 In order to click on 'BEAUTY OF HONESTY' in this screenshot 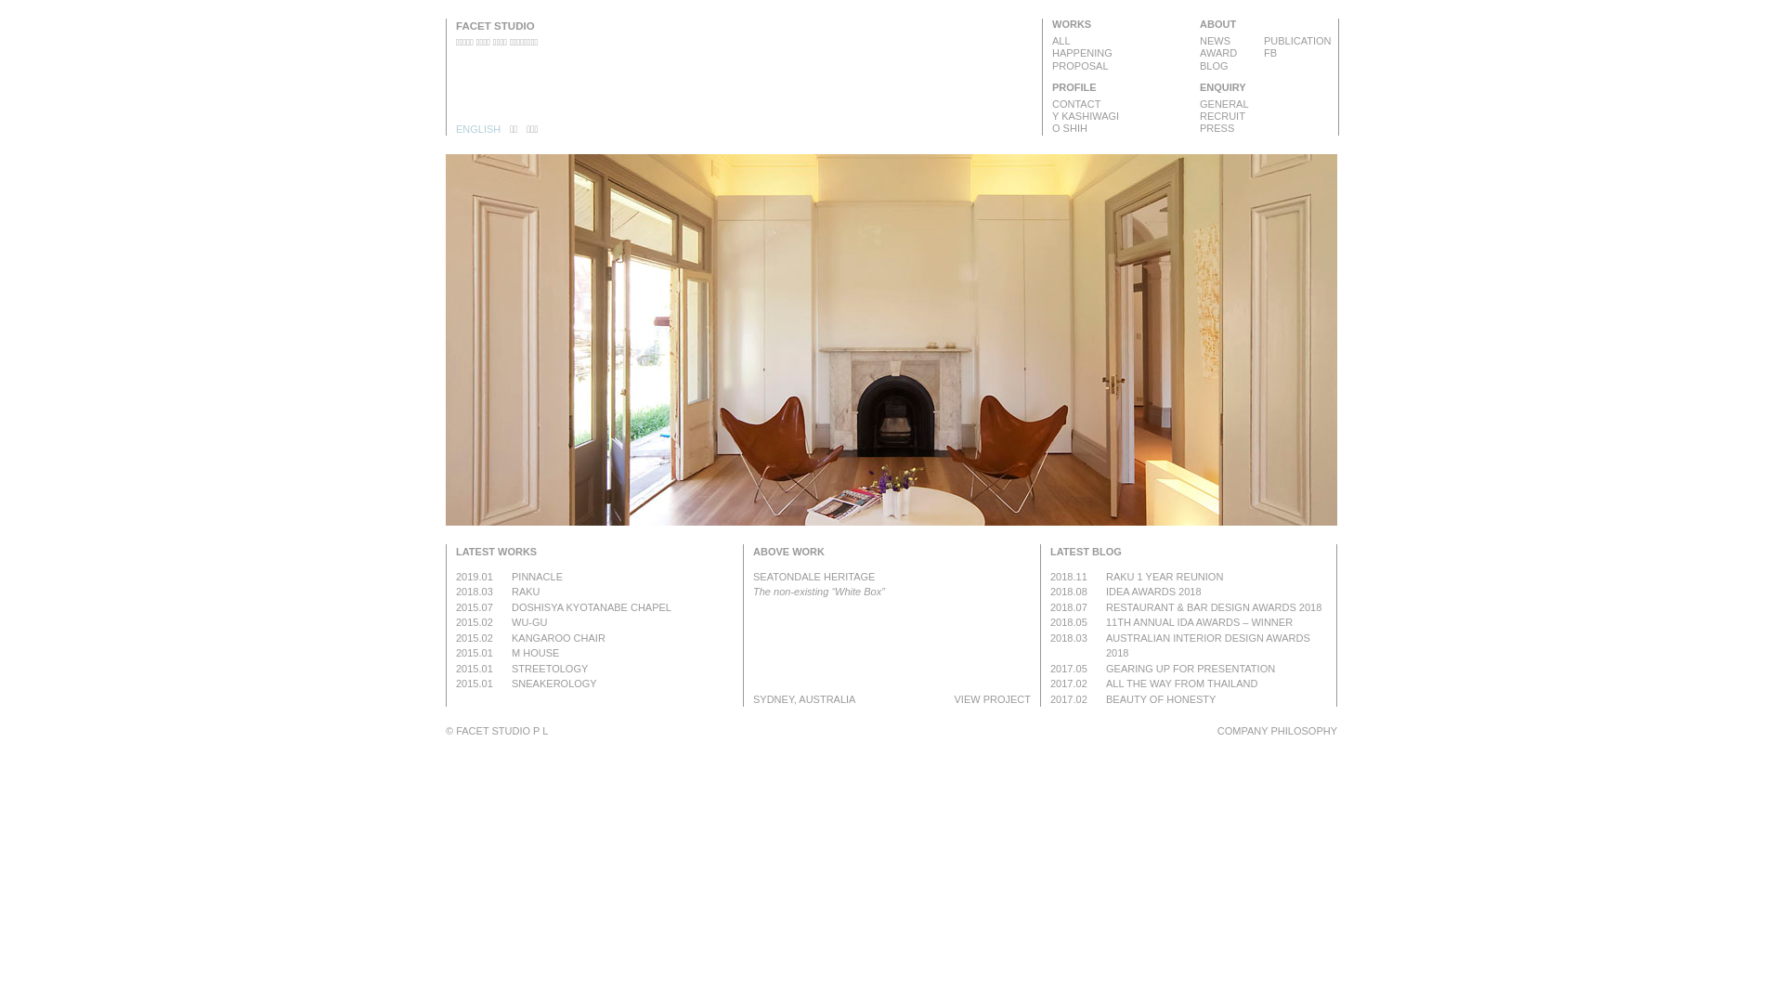, I will do `click(1217, 698)`.